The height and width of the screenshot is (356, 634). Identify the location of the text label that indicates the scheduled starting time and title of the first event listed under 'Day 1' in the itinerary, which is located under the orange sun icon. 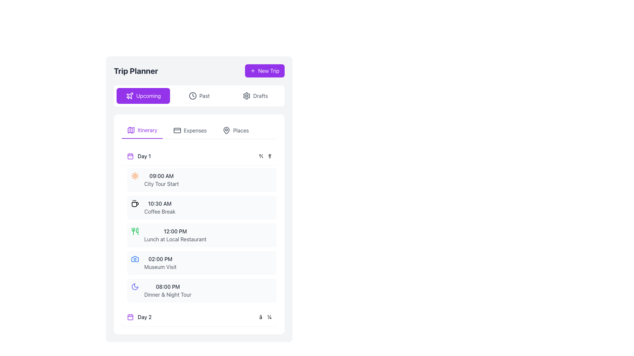
(161, 180).